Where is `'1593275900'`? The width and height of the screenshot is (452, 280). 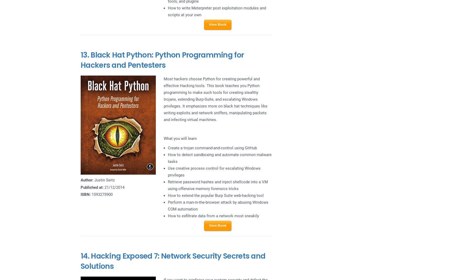
'1593275900' is located at coordinates (102, 195).